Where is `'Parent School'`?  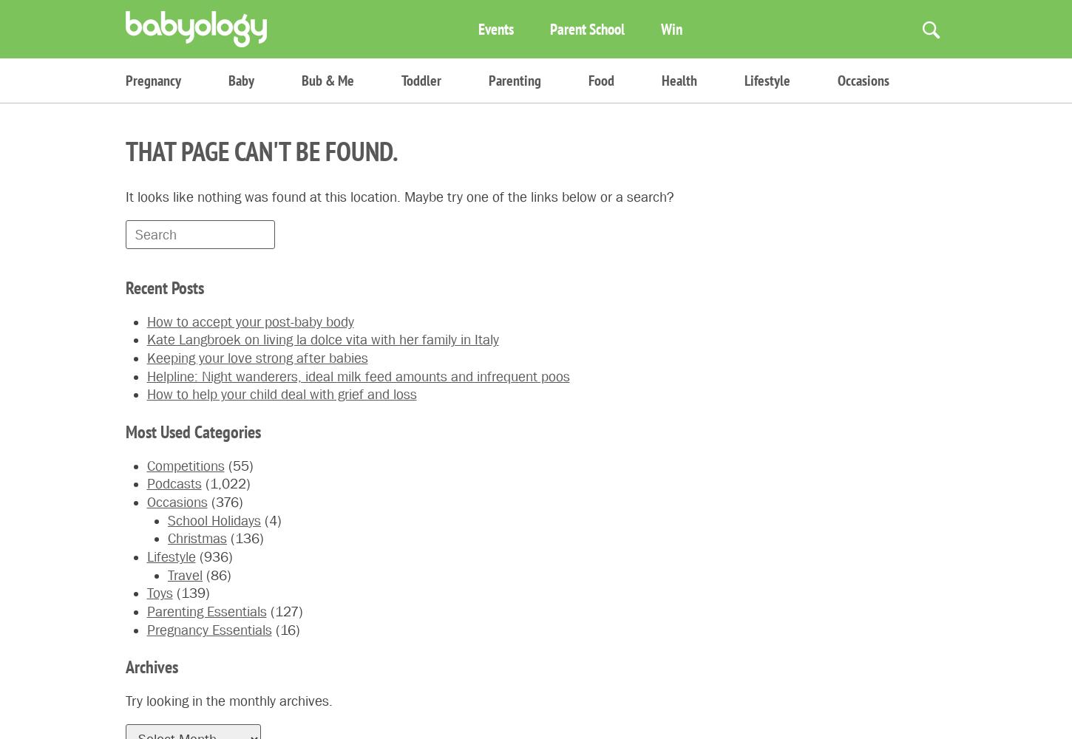
'Parent School' is located at coordinates (587, 28).